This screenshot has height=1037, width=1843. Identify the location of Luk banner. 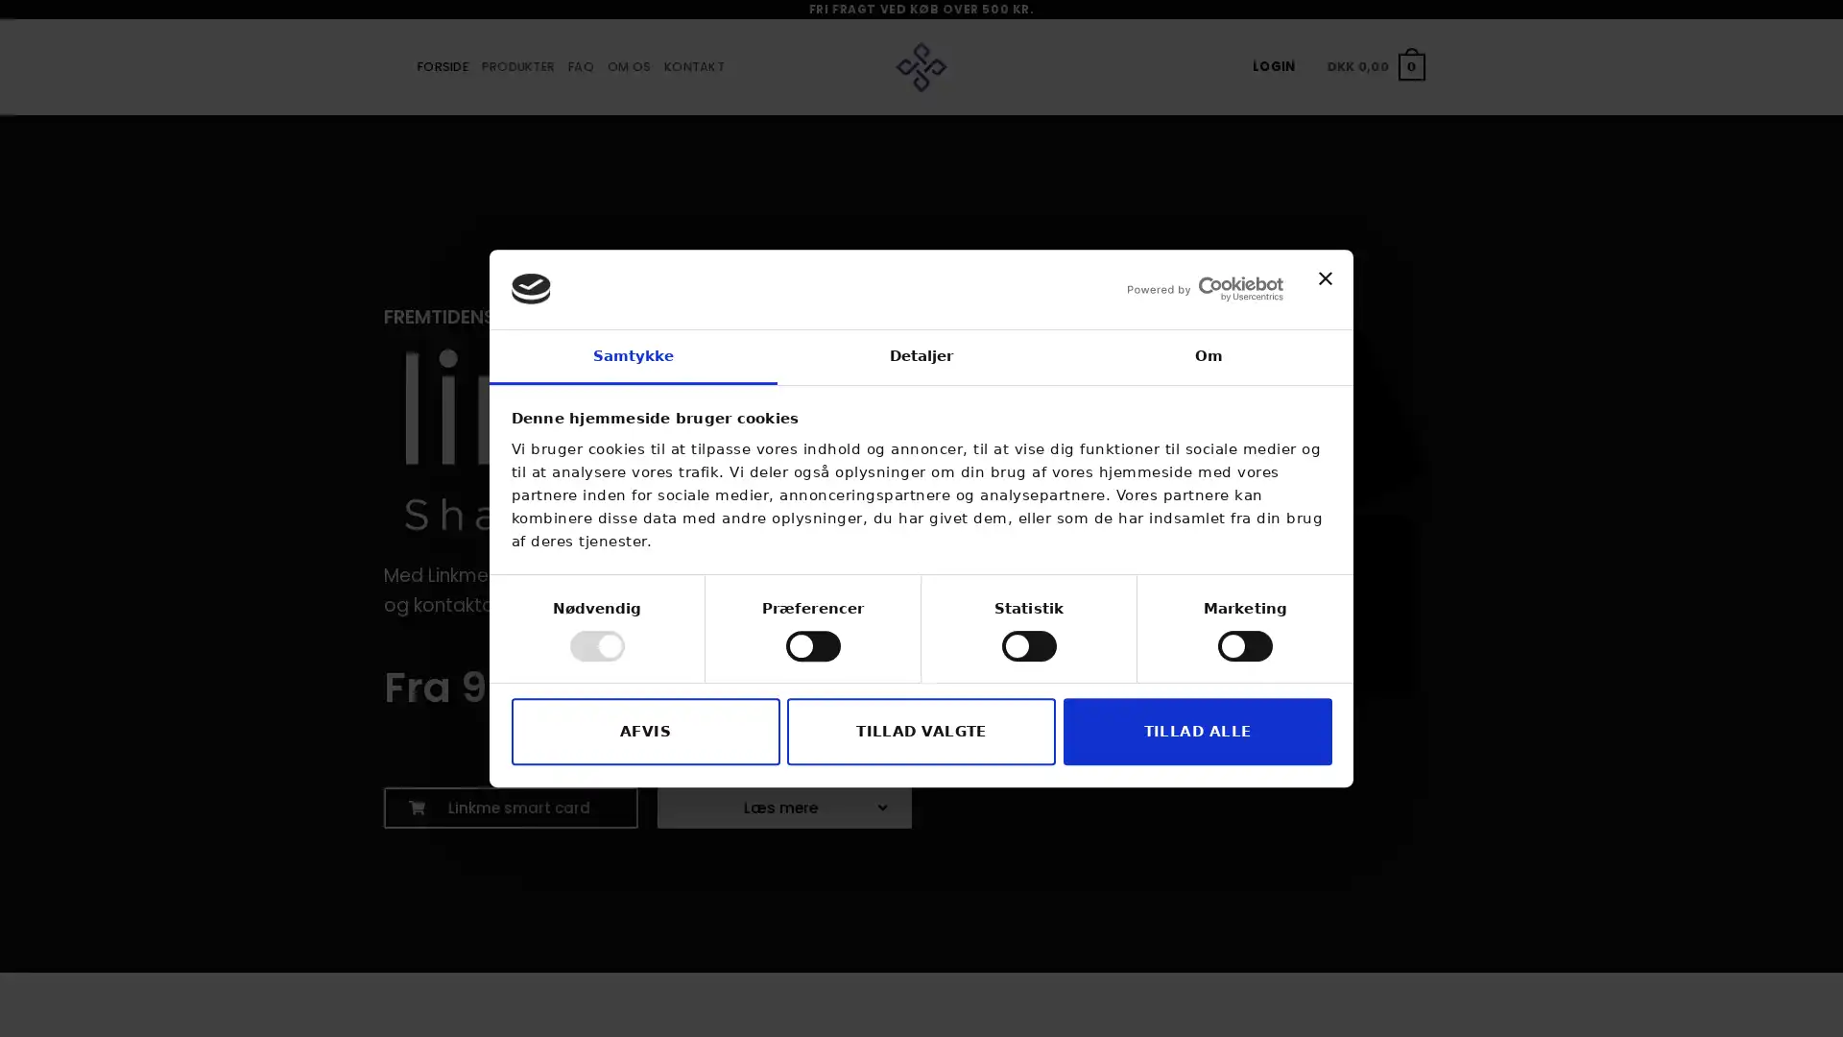
(1324, 288).